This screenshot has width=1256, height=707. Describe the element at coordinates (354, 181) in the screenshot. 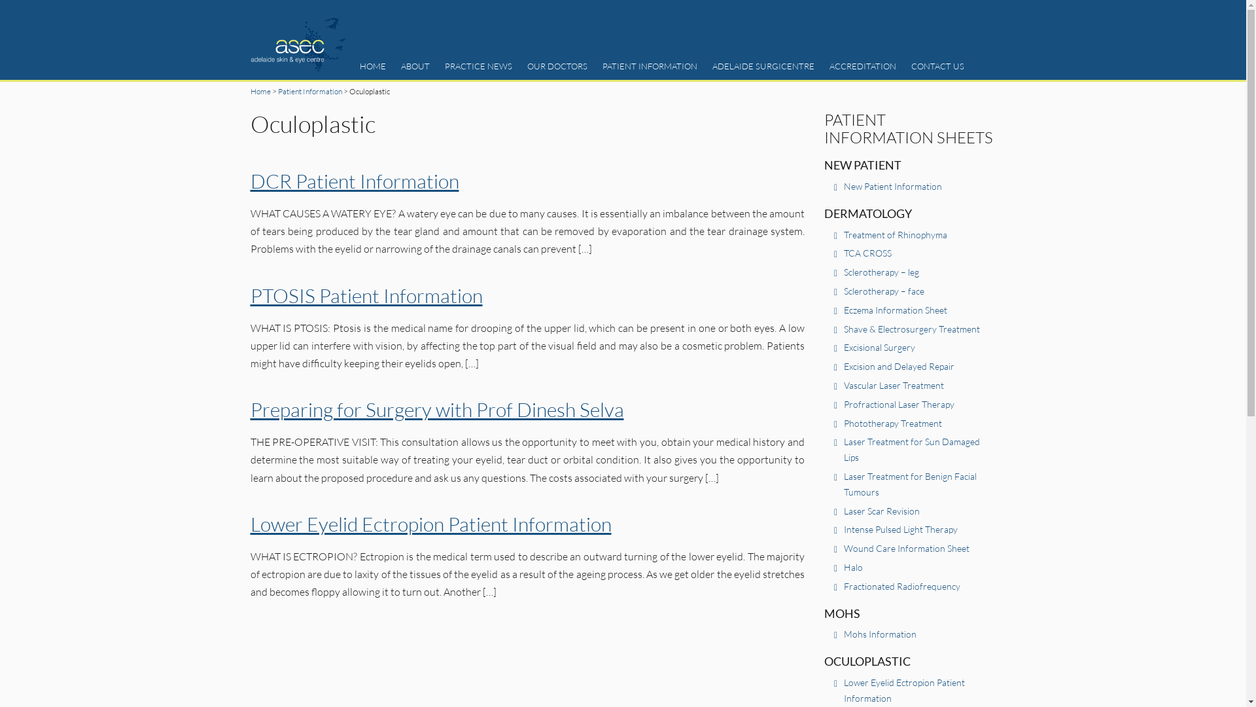

I see `'DCR Patient Information'` at that location.